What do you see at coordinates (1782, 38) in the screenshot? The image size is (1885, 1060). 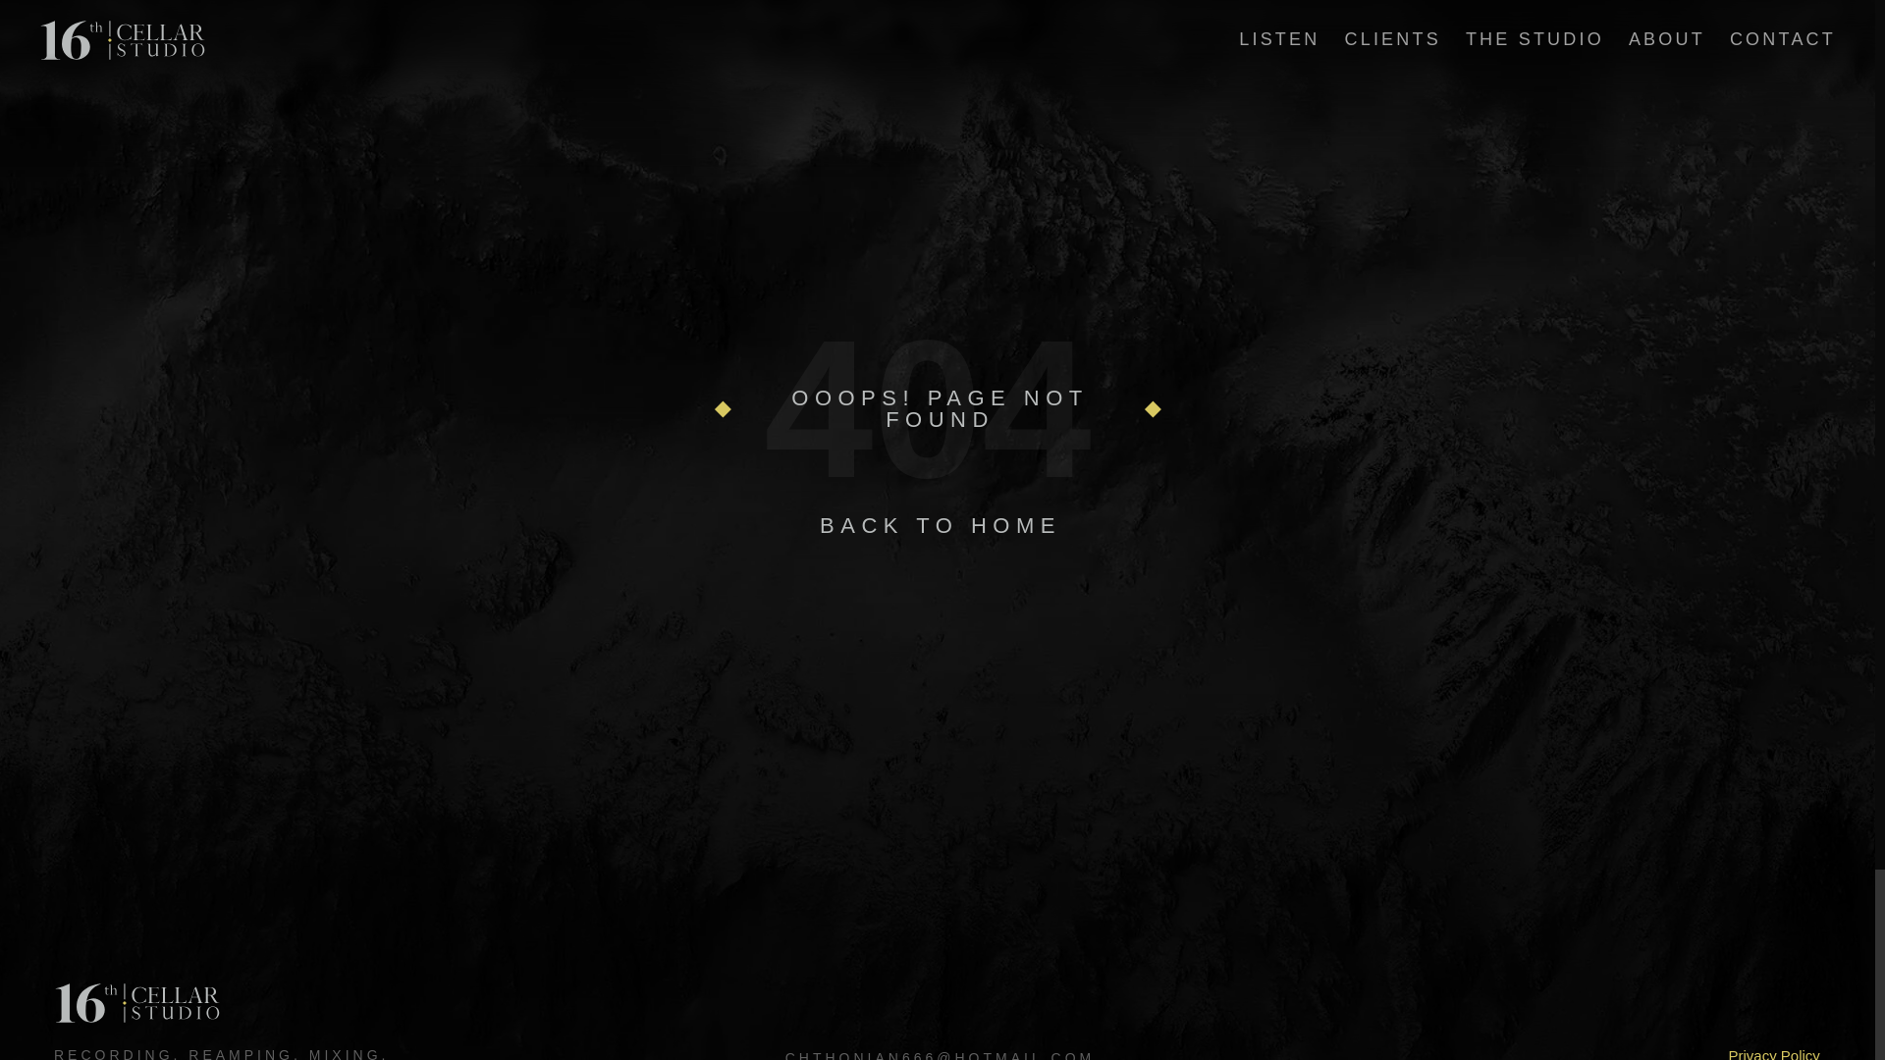 I see `'CONTACT'` at bounding box center [1782, 38].